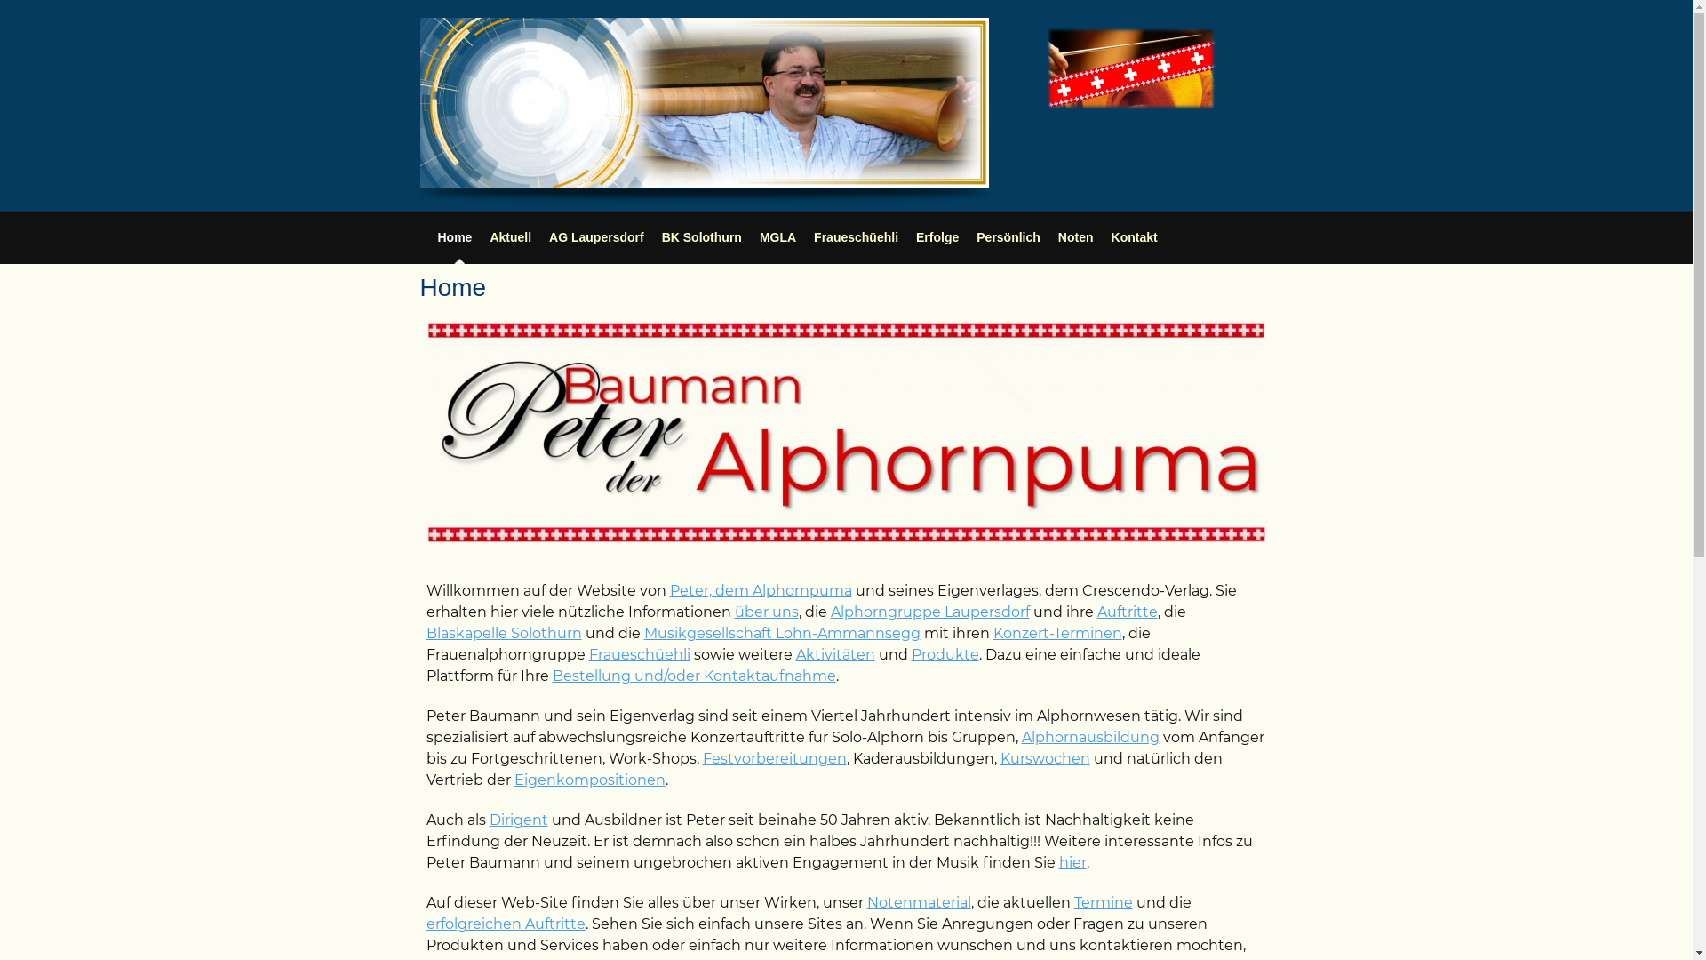 The height and width of the screenshot is (960, 1706). I want to click on 'Dirigent', so click(489, 820).